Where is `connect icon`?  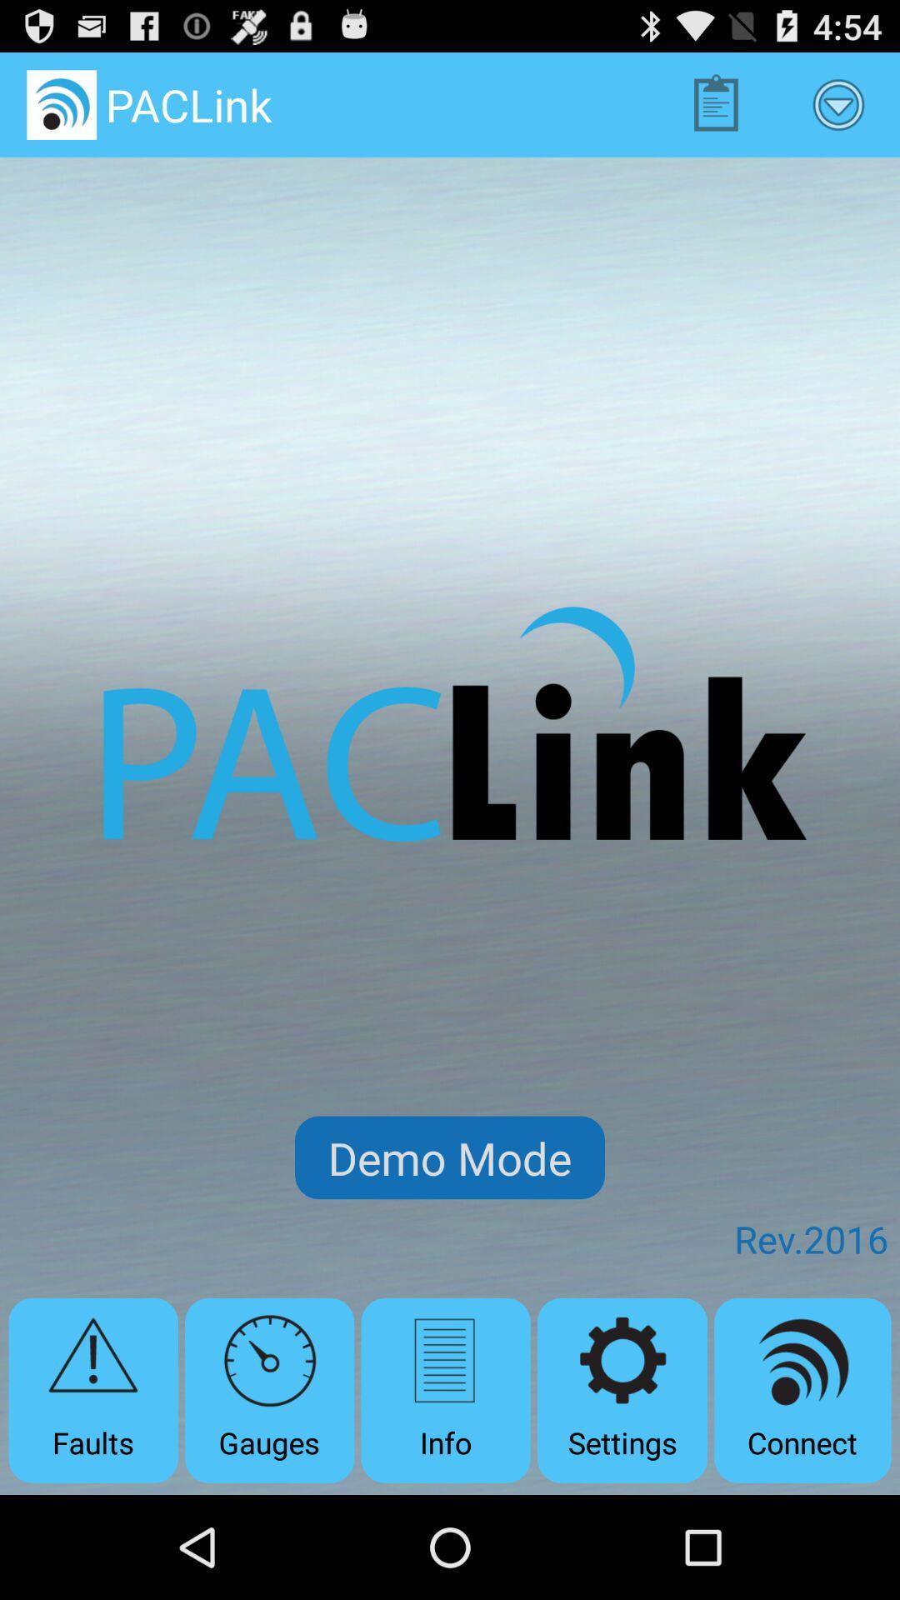 connect icon is located at coordinates (802, 1390).